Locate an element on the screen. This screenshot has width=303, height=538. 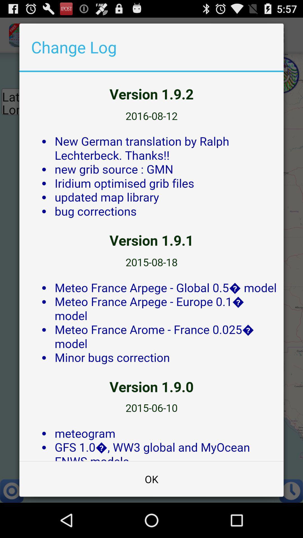
about phone is located at coordinates (151, 266).